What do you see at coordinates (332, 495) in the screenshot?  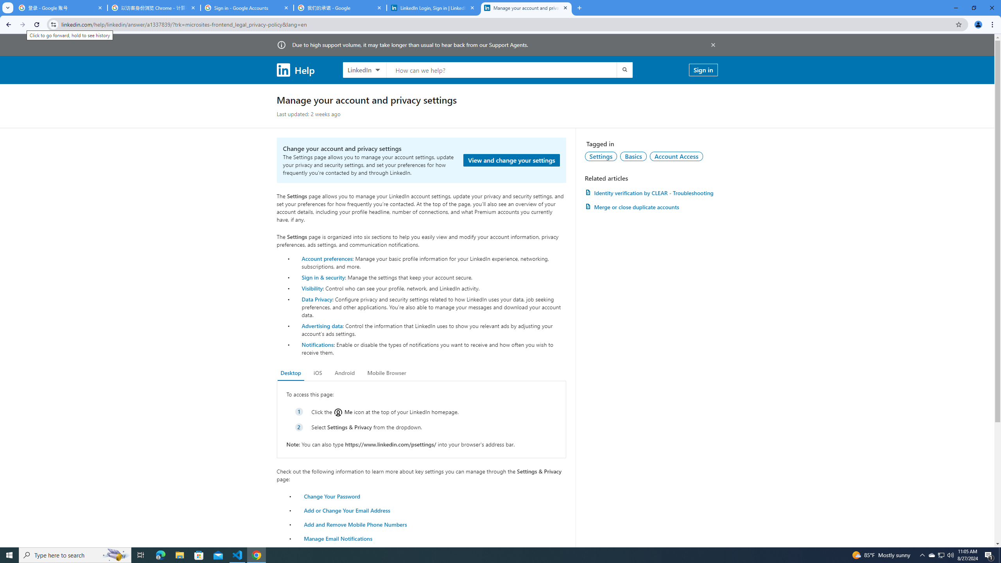 I see `'Change Your Password'` at bounding box center [332, 495].